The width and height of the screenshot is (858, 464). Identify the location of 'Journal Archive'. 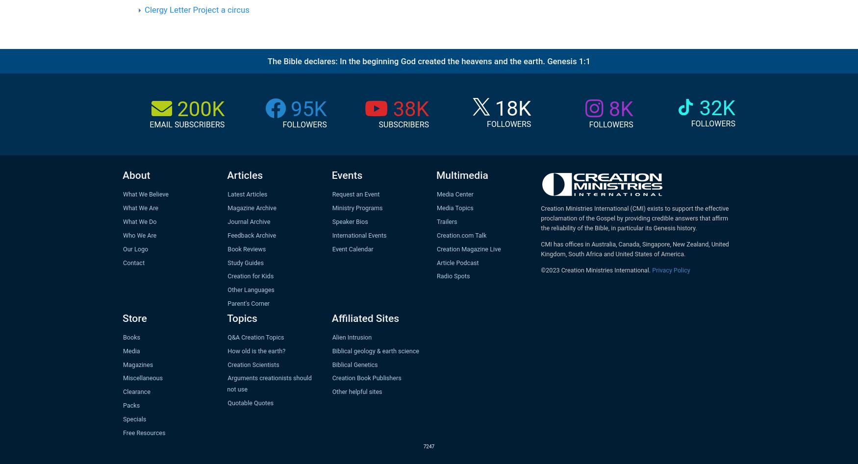
(248, 221).